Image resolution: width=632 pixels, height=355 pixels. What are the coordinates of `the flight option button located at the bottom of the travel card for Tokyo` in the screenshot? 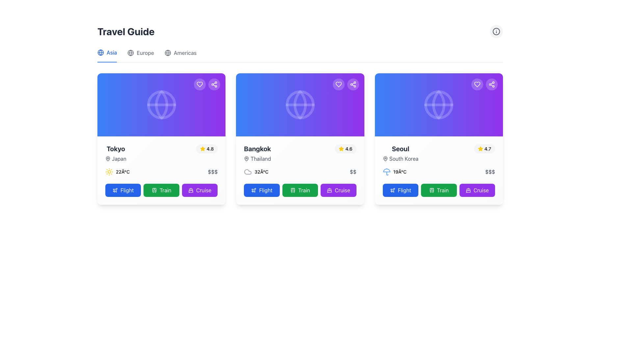 It's located at (123, 190).